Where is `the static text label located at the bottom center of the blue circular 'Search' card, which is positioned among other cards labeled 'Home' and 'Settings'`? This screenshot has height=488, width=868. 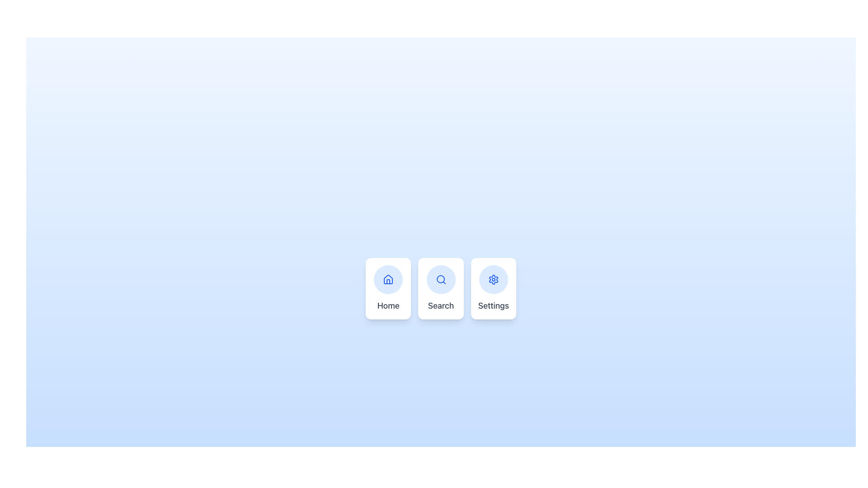 the static text label located at the bottom center of the blue circular 'Search' card, which is positioned among other cards labeled 'Home' and 'Settings' is located at coordinates (441, 305).